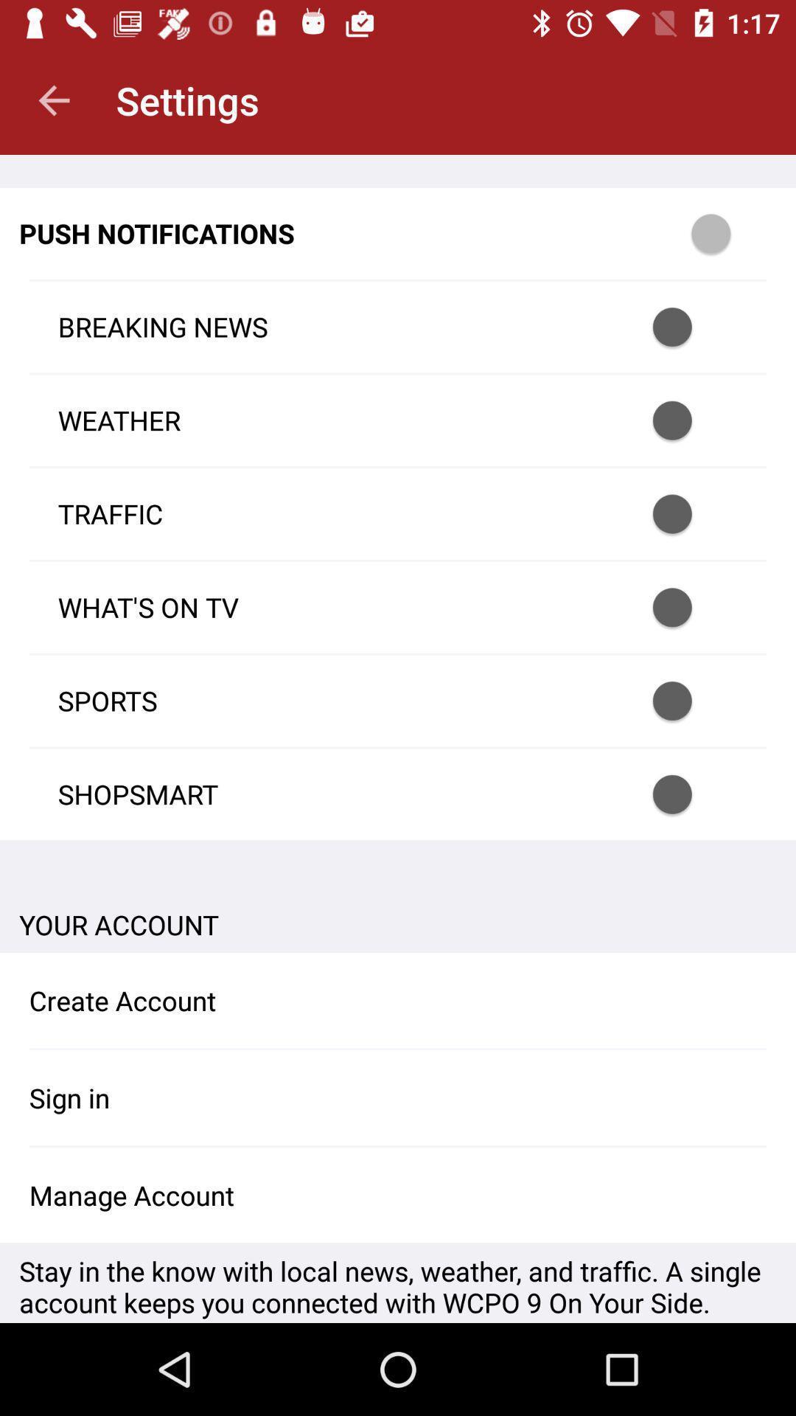  What do you see at coordinates (691, 700) in the screenshot?
I see `enable sports notifications` at bounding box center [691, 700].